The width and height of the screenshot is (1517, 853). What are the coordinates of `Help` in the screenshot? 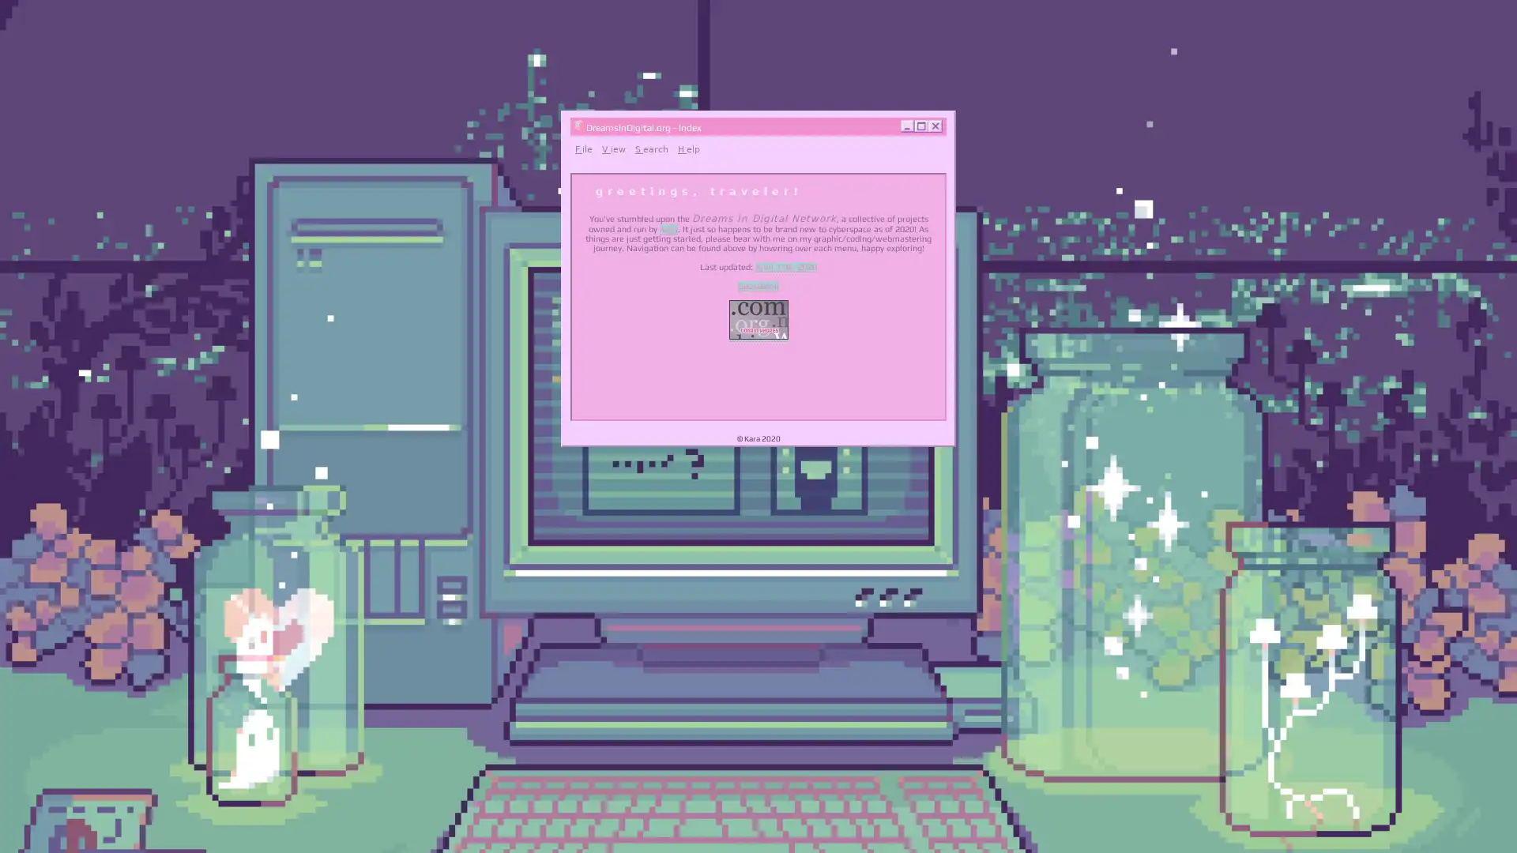 It's located at (689, 149).